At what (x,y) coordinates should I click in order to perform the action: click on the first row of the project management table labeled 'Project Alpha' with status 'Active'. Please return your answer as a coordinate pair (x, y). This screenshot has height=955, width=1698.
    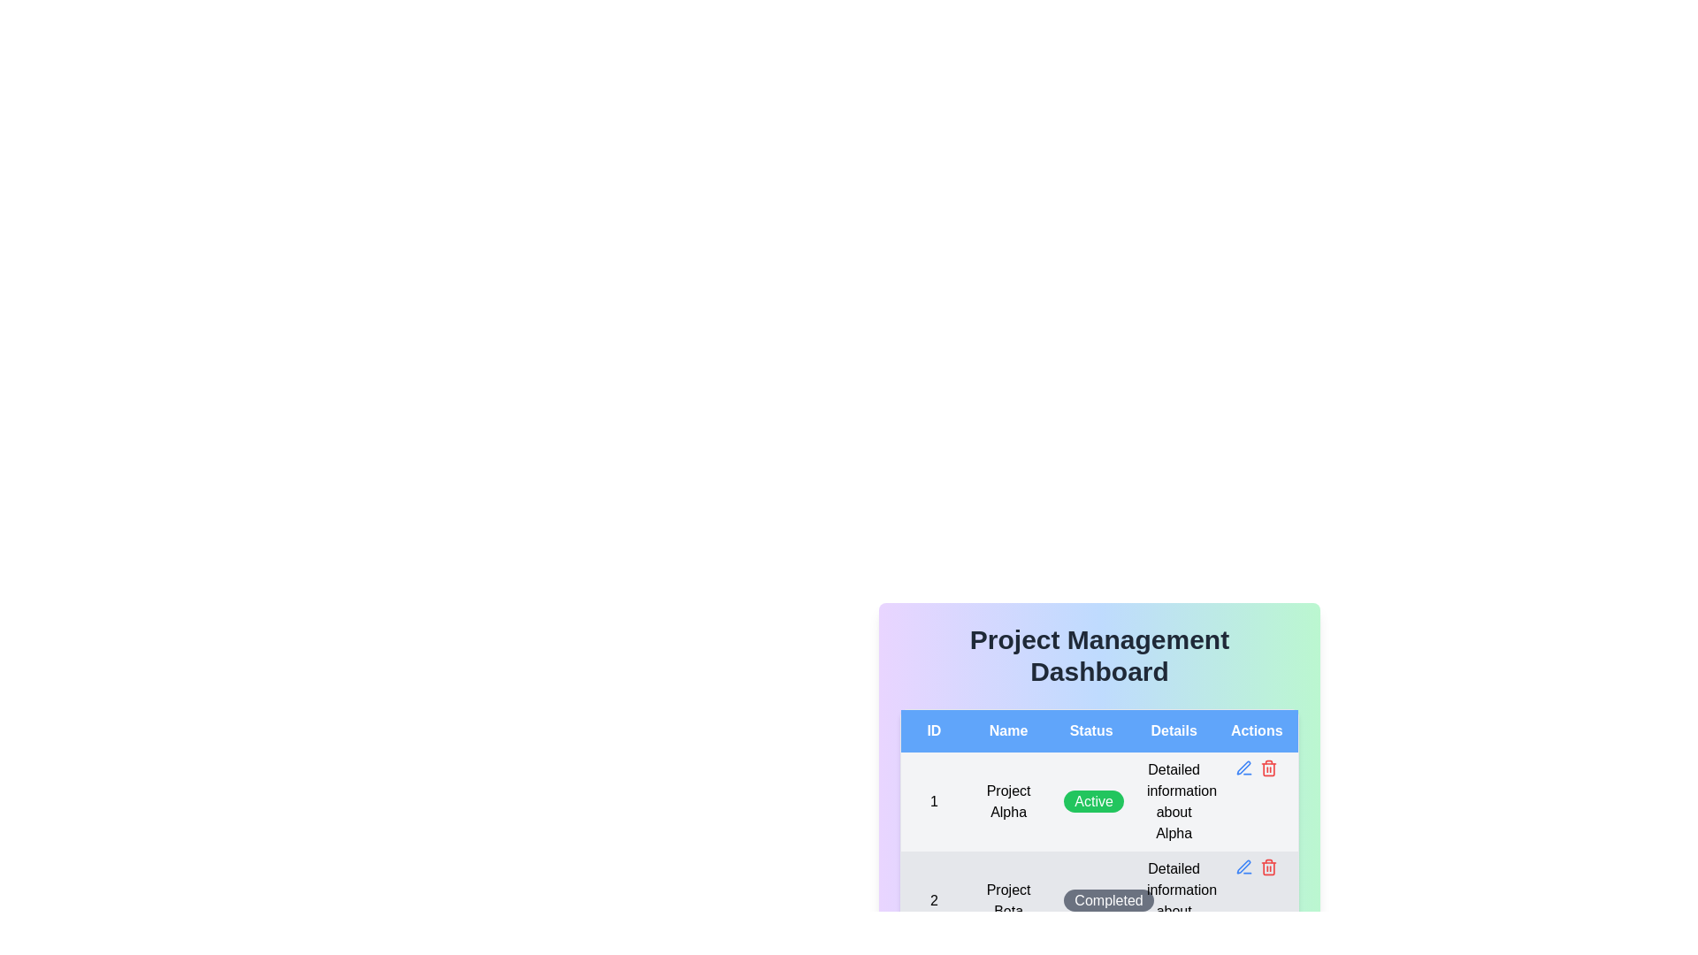
    Looking at the image, I should click on (1098, 801).